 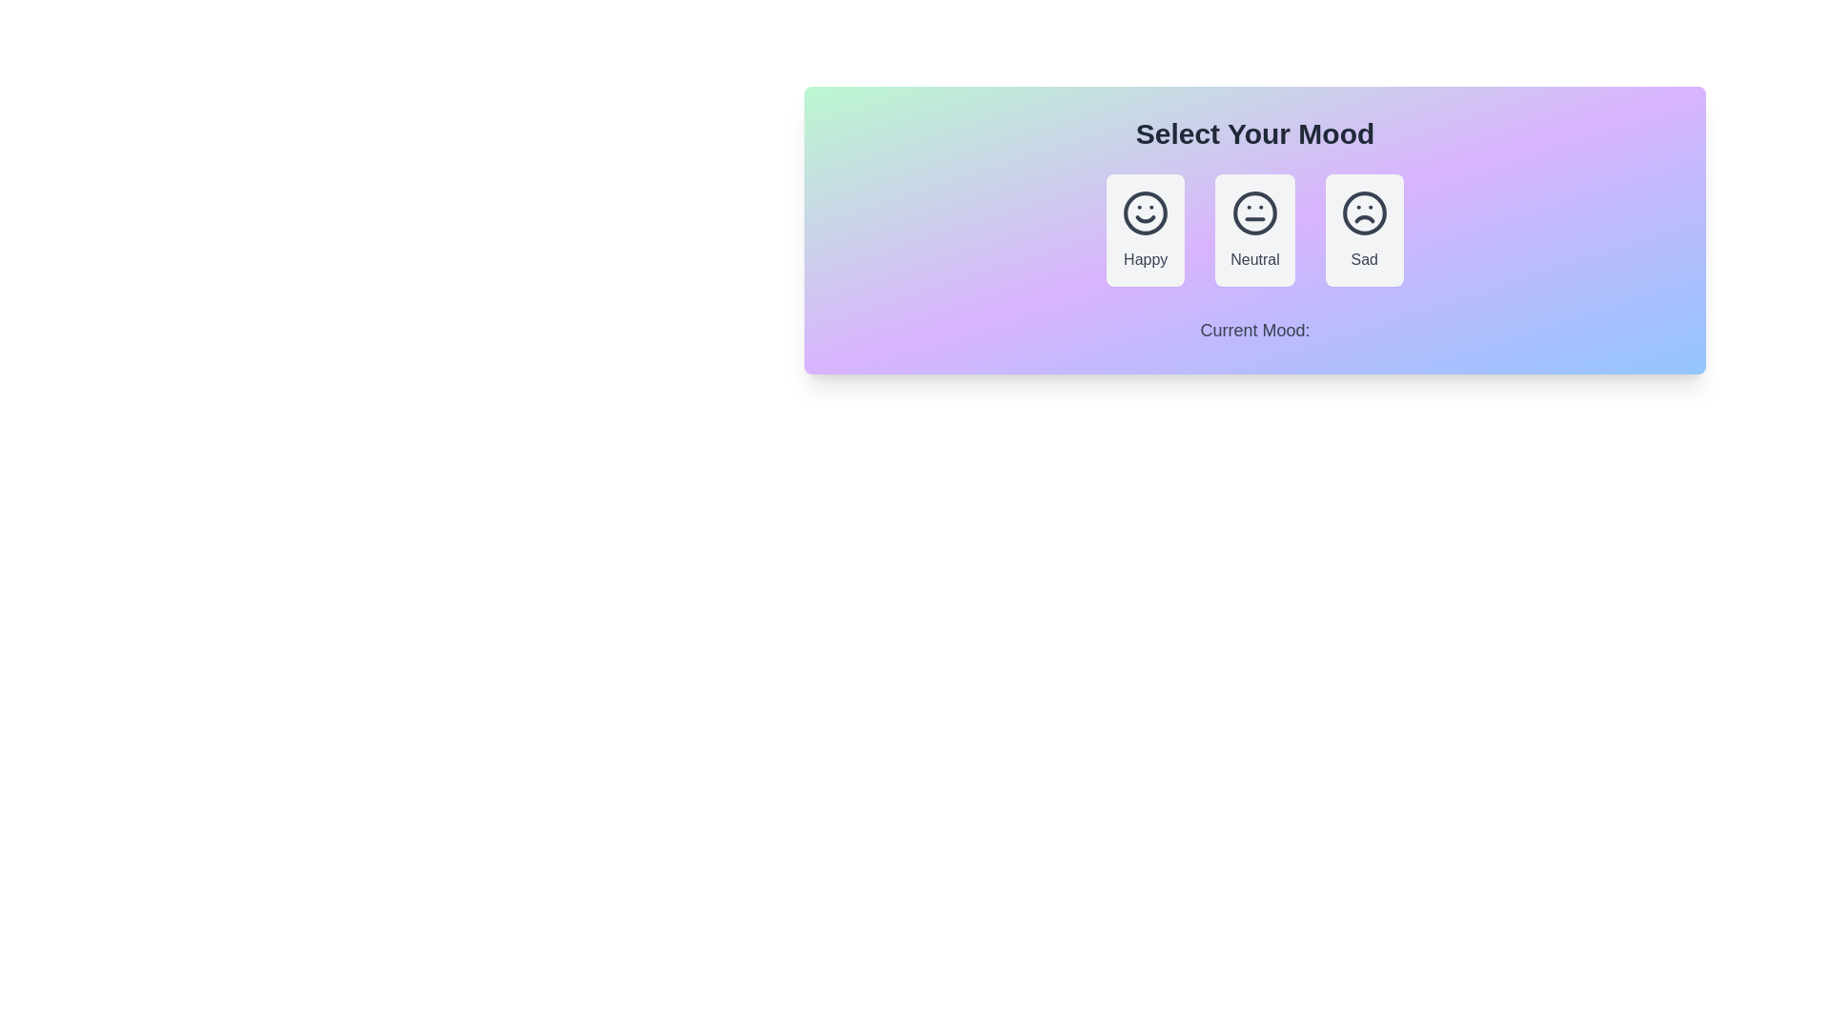 I want to click on the Happy button to observe its hover effects, so click(x=1145, y=230).